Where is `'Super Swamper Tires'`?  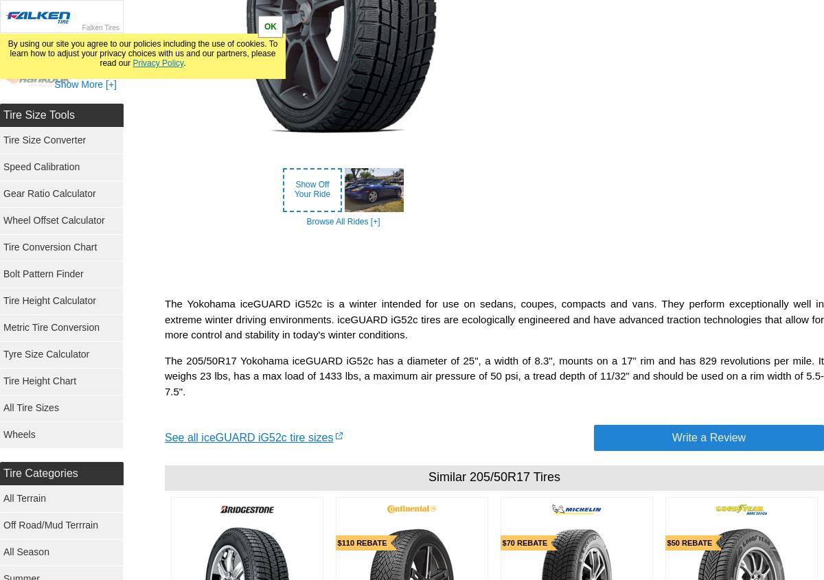
'Super Swamper Tires' is located at coordinates (86, 285).